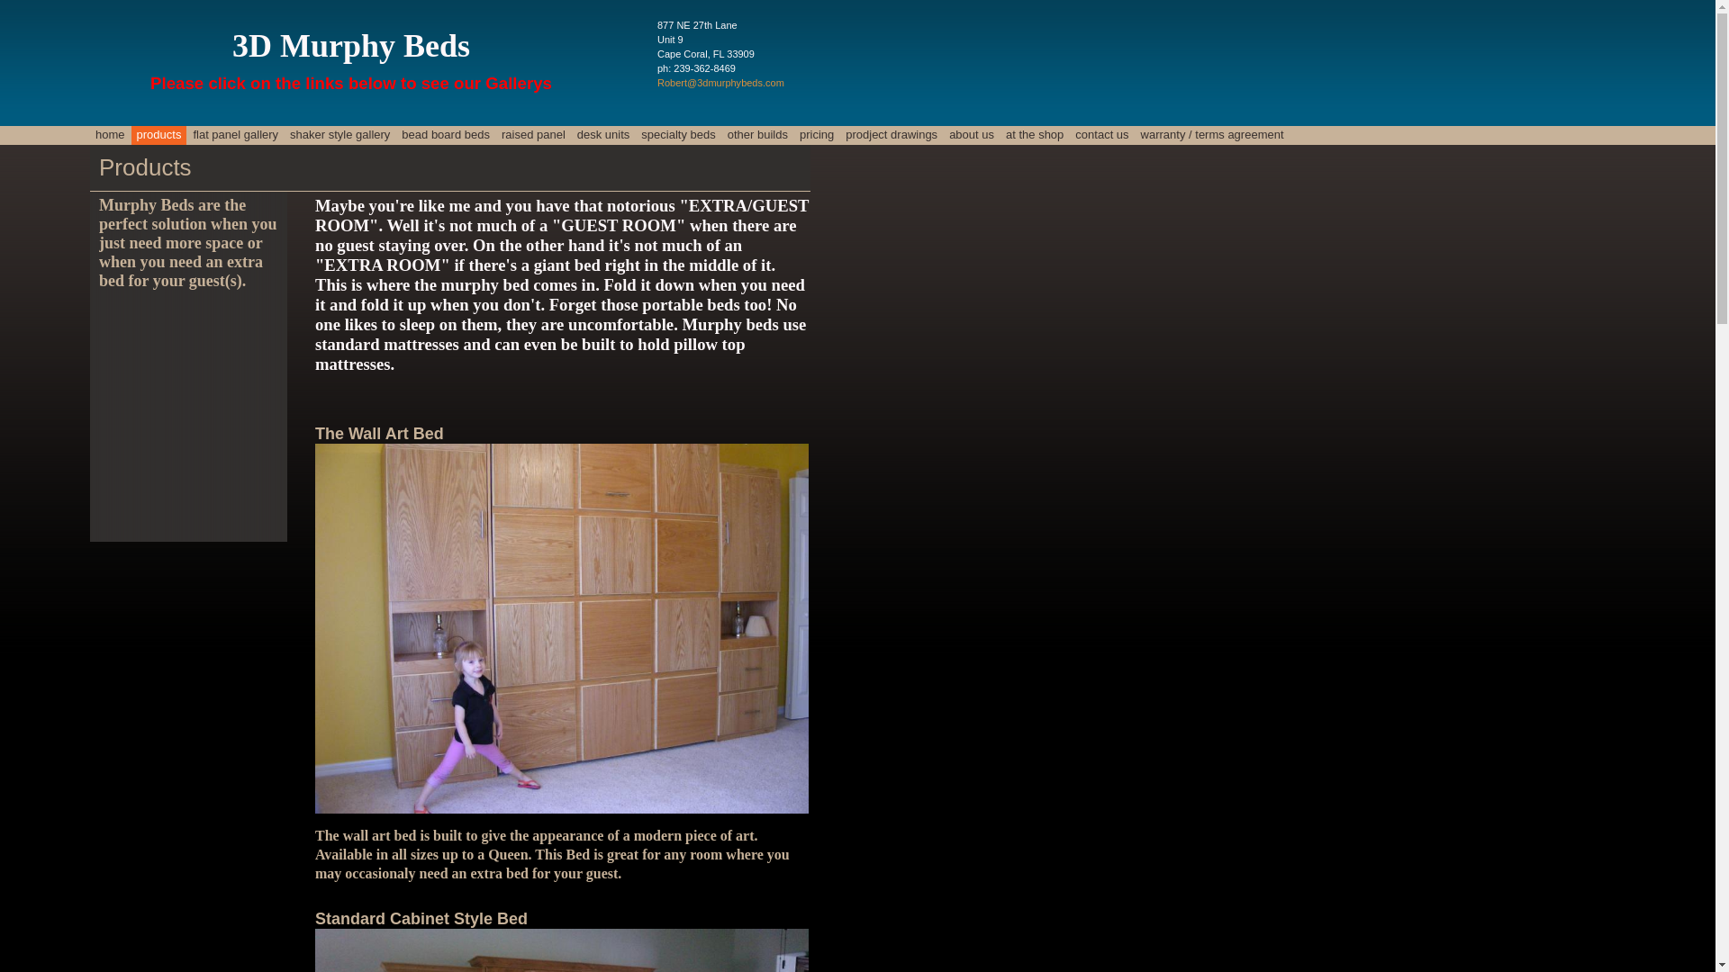  I want to click on 'home', so click(89, 134).